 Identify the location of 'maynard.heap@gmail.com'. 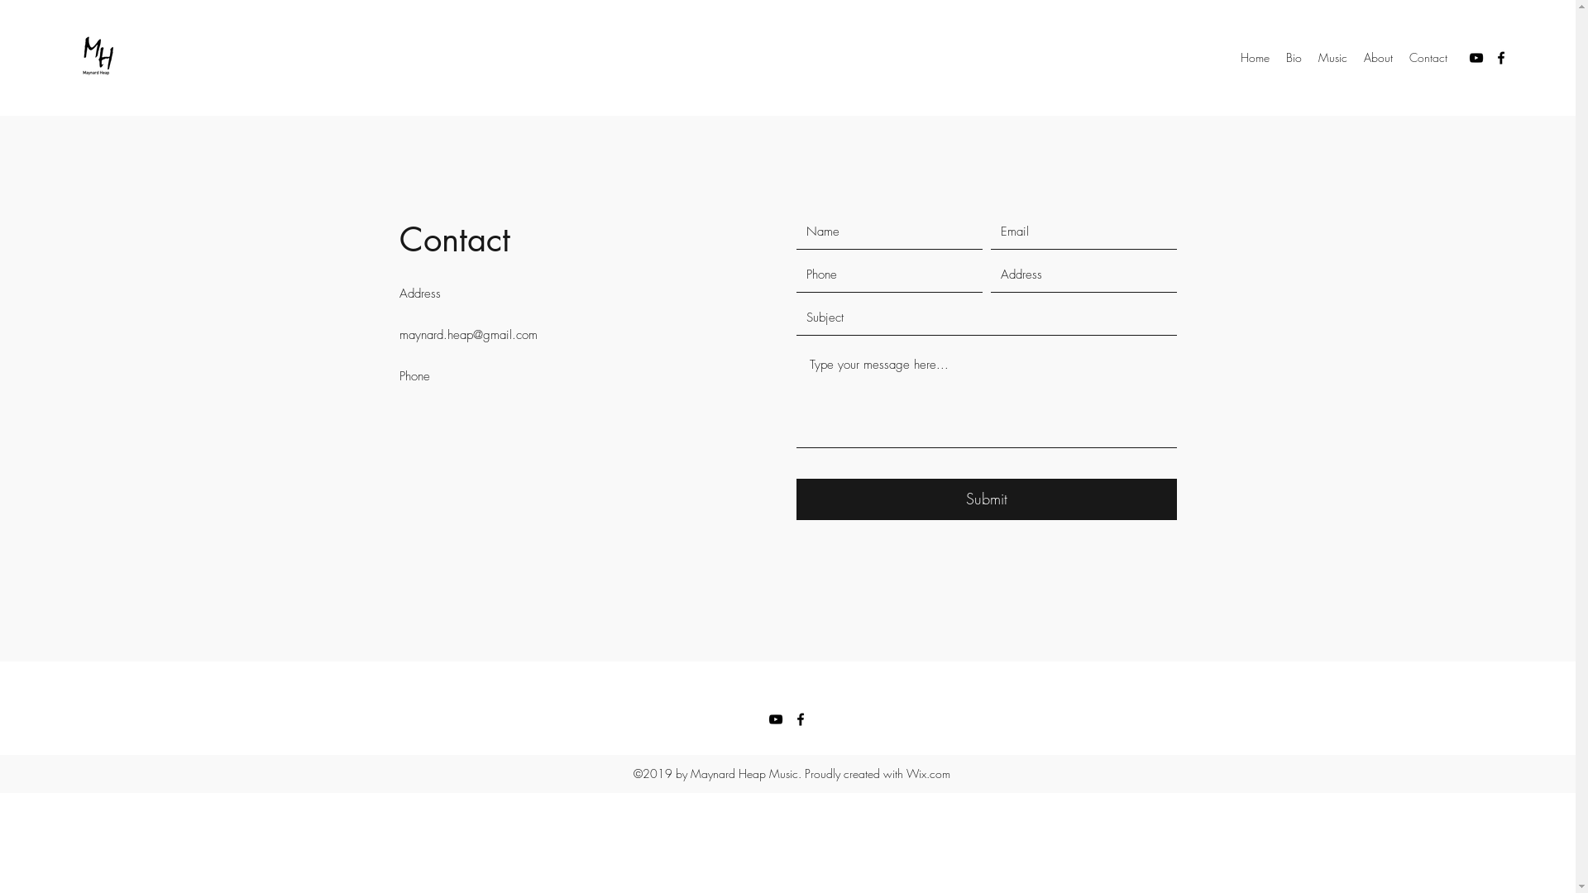
(398, 335).